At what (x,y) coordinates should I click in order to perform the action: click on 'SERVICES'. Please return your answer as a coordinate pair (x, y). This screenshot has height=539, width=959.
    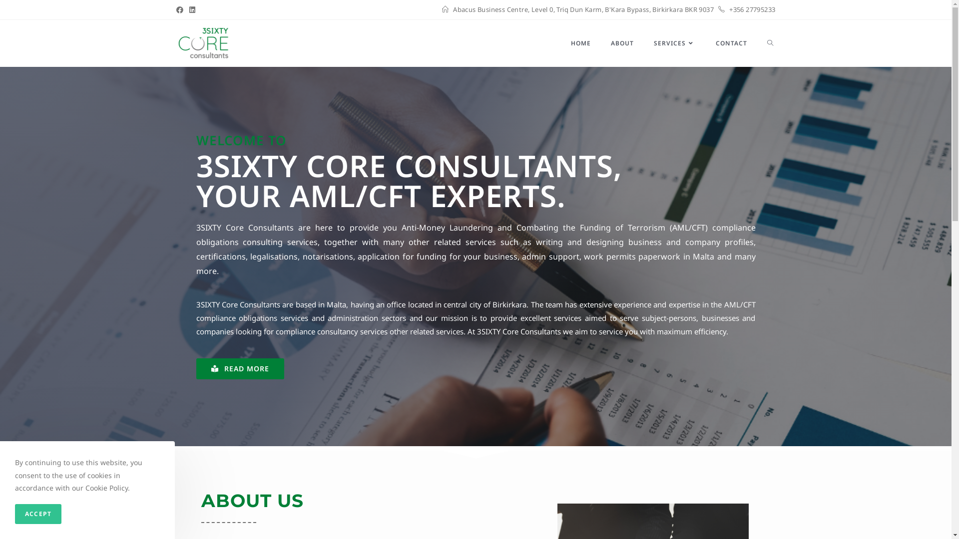
    Looking at the image, I should click on (674, 43).